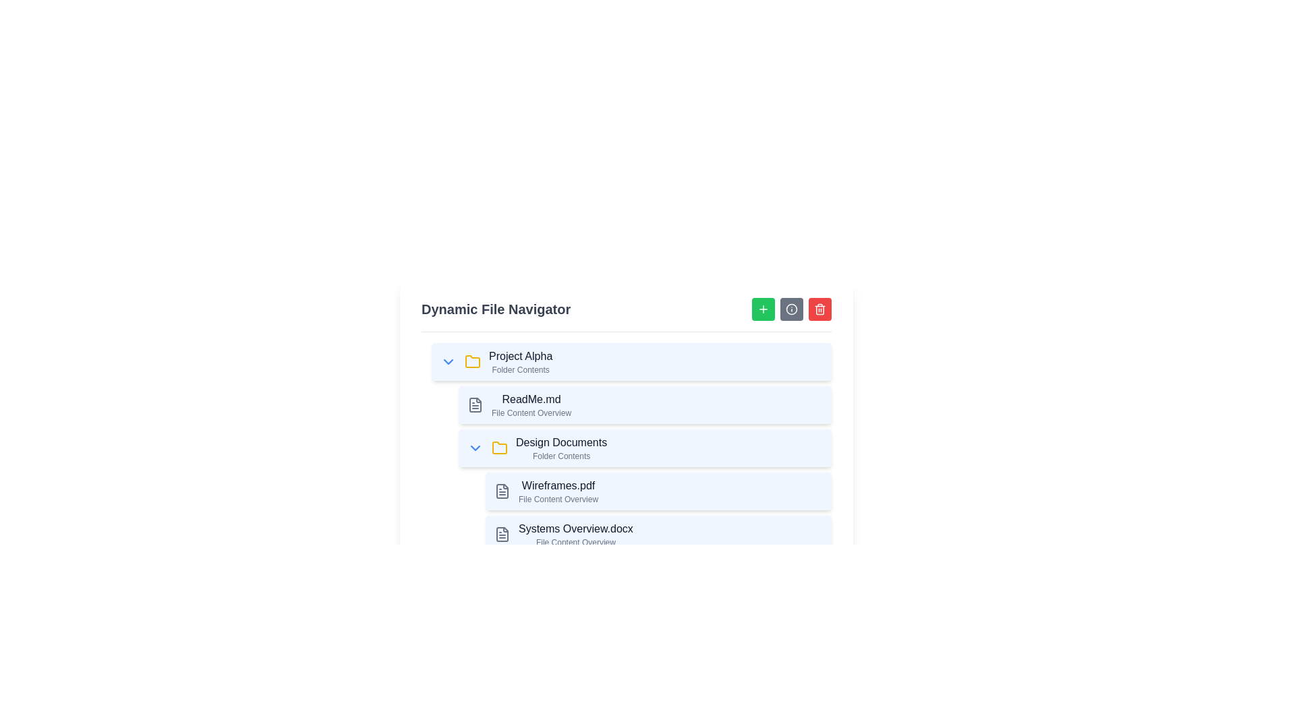  What do you see at coordinates (644, 448) in the screenshot?
I see `the 'Design Documents' folder entry` at bounding box center [644, 448].